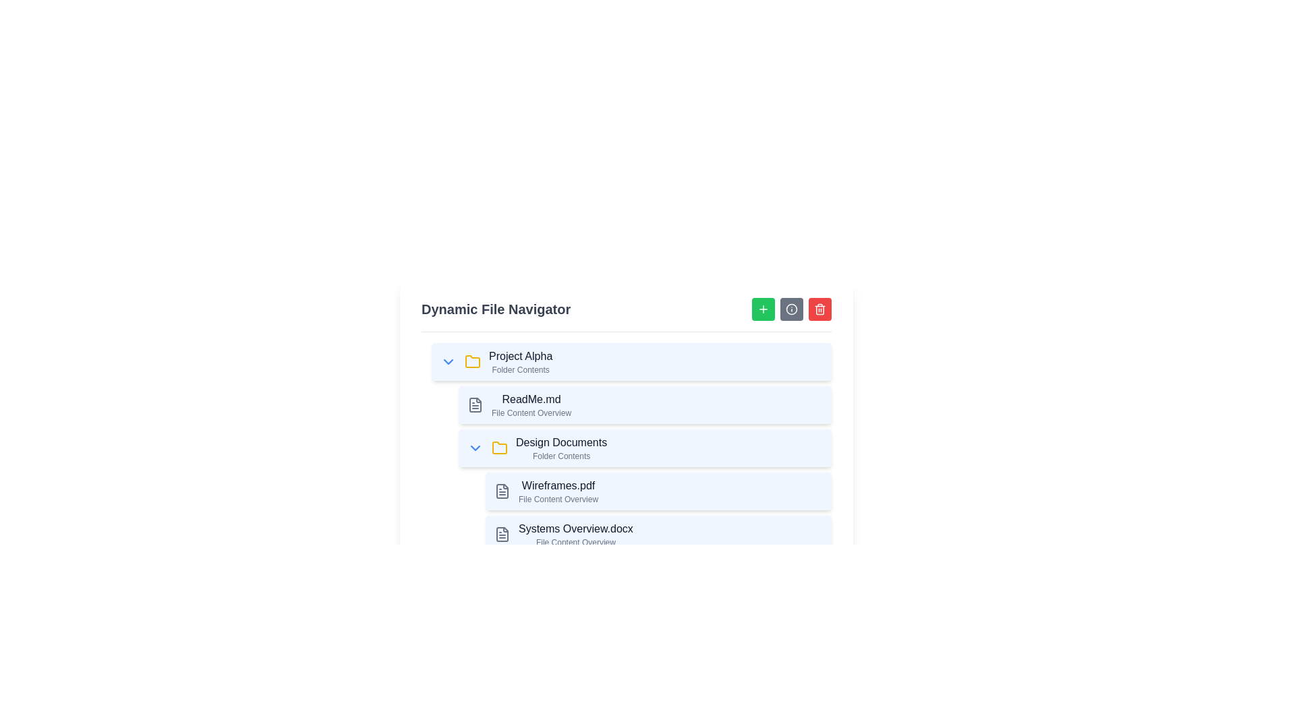  What do you see at coordinates (644, 448) in the screenshot?
I see `the 'Design Documents' folder entry` at bounding box center [644, 448].